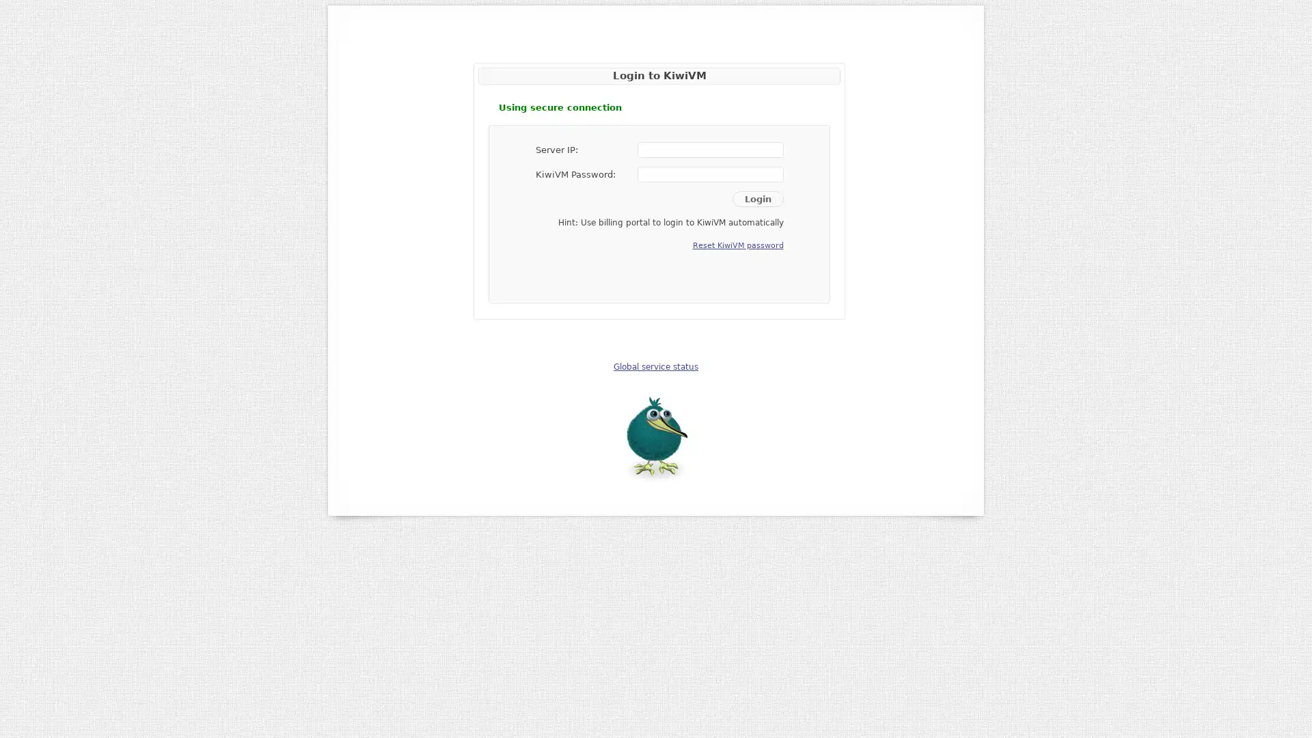 The height and width of the screenshot is (738, 1312). I want to click on Login, so click(756, 199).